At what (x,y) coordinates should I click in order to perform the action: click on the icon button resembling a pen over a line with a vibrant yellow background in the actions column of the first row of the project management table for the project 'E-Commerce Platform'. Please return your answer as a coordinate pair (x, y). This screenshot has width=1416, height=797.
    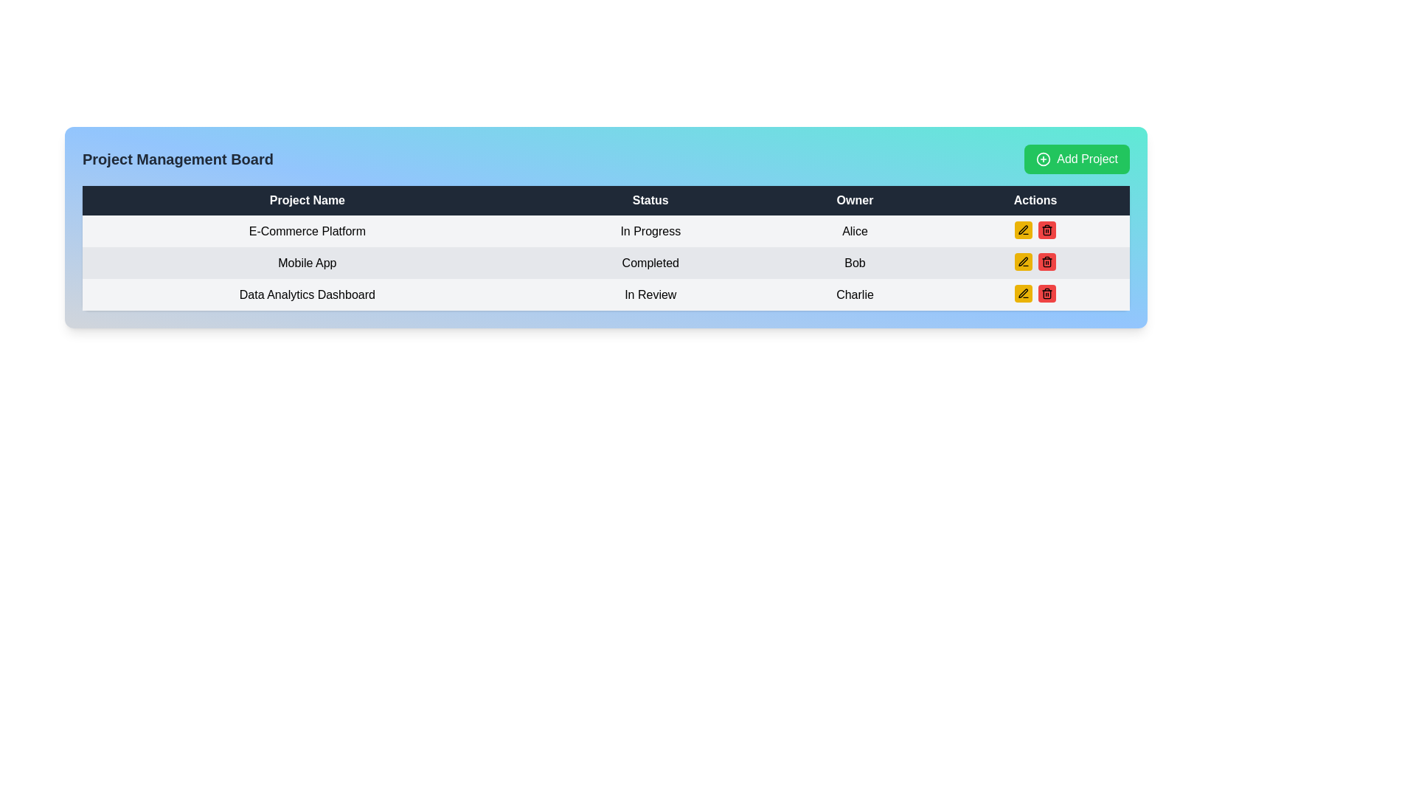
    Looking at the image, I should click on (1022, 230).